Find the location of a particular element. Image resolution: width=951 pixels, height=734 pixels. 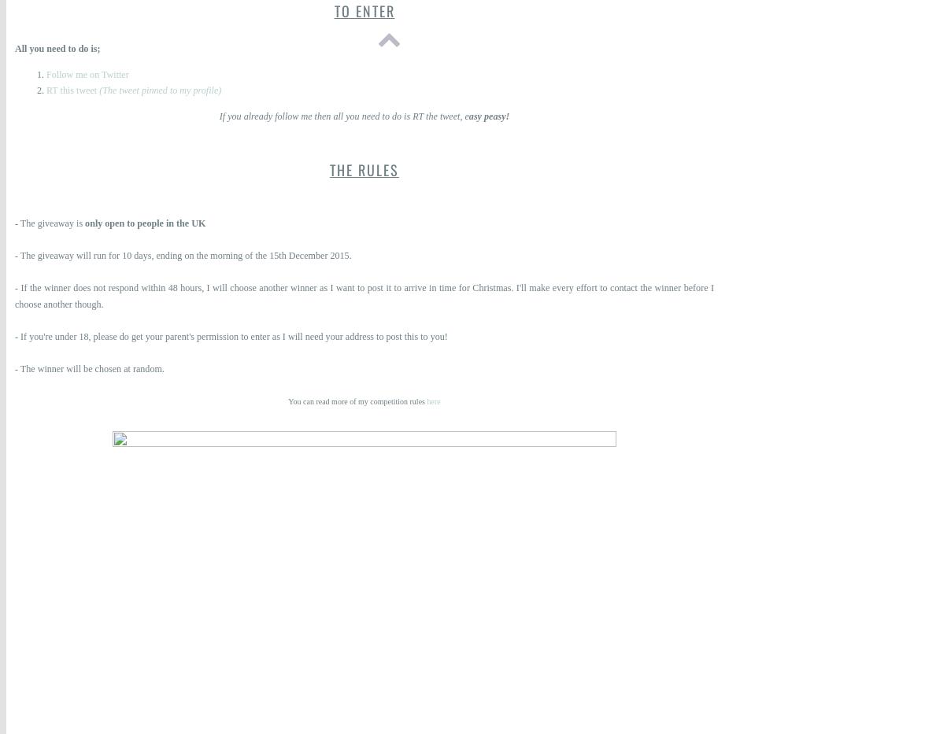

'here' is located at coordinates (433, 401).